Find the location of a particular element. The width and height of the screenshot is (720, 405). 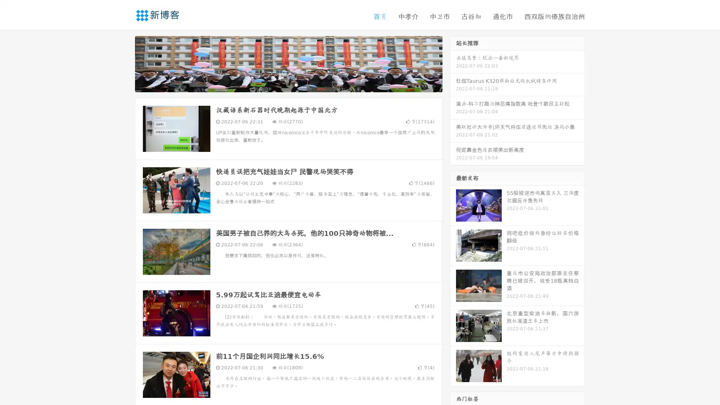

Go to slide 1 is located at coordinates (280, 84).